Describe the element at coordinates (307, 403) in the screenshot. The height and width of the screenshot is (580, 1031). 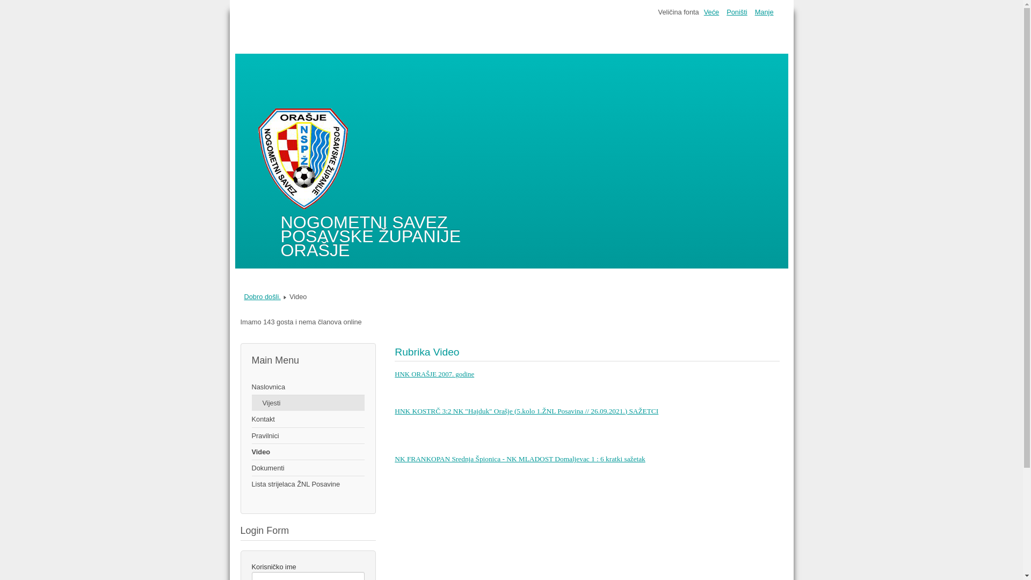
I see `'Vijesti'` at that location.